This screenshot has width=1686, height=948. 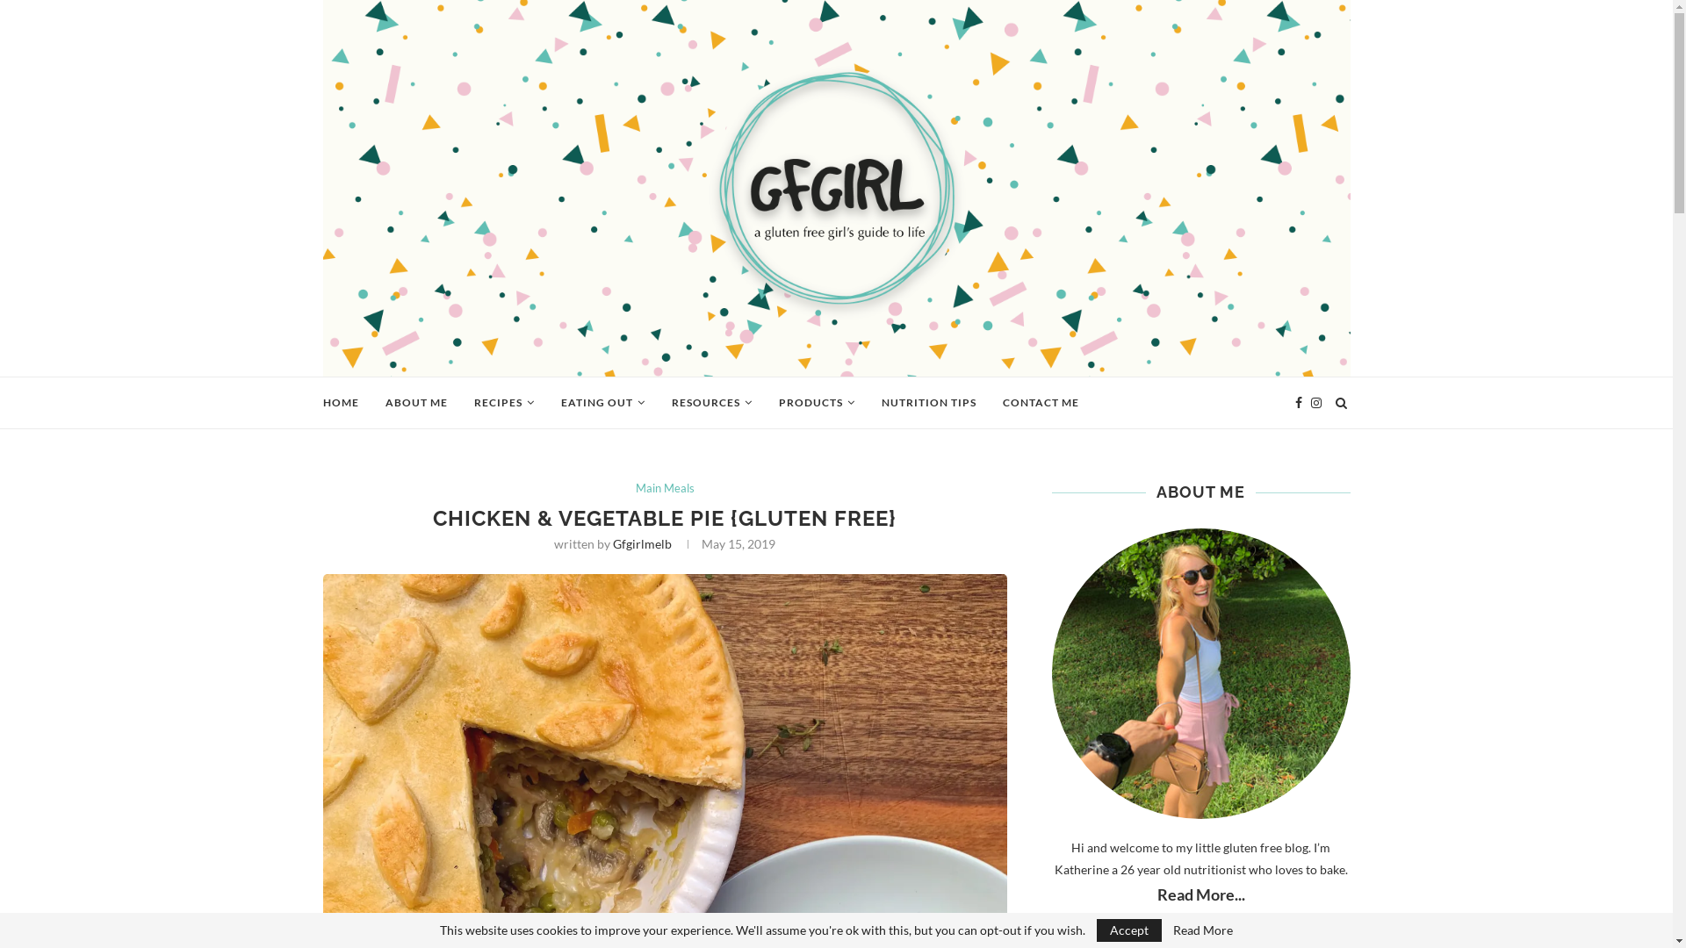 I want to click on 'Gfgirlmelb', so click(x=641, y=542).